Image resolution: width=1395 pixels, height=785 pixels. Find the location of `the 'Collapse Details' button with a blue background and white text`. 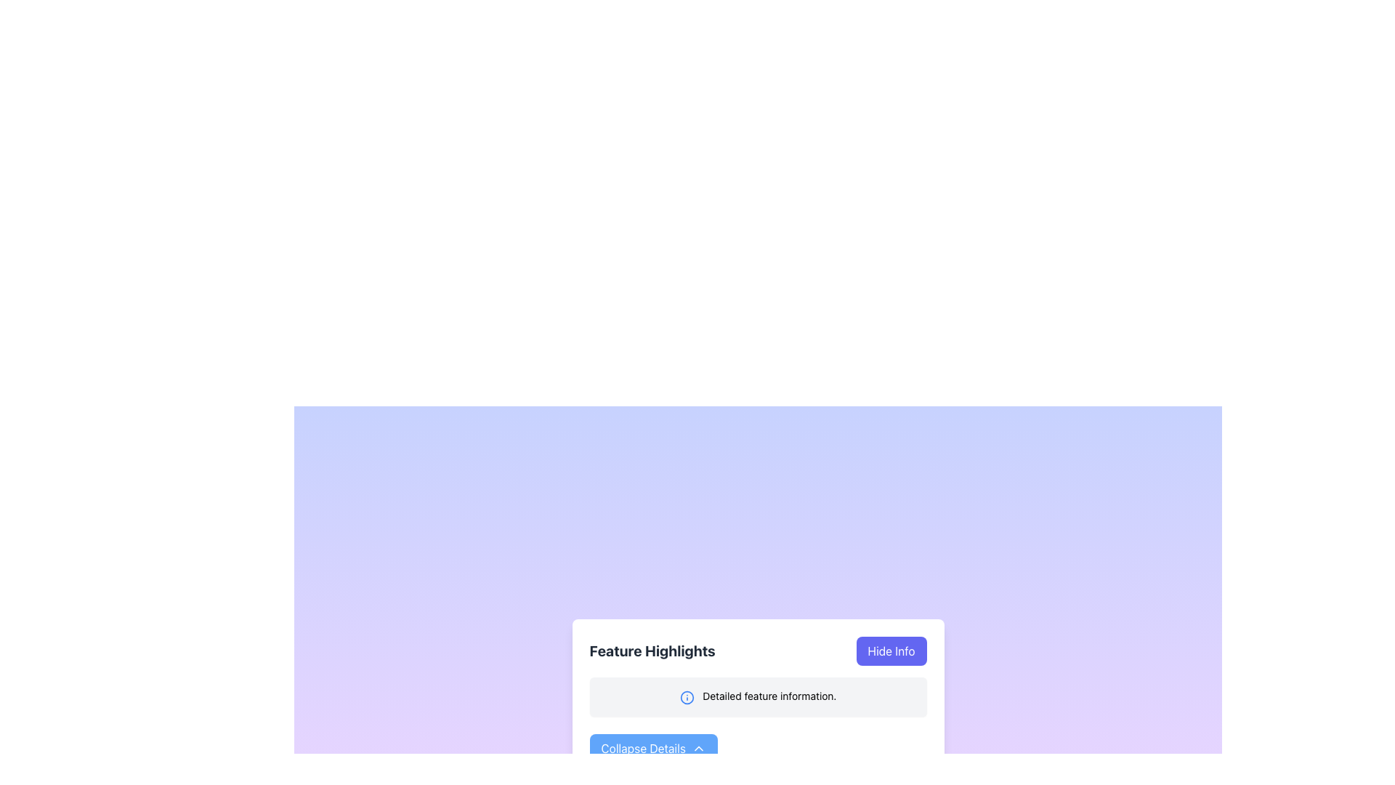

the 'Collapse Details' button with a blue background and white text is located at coordinates (652, 748).